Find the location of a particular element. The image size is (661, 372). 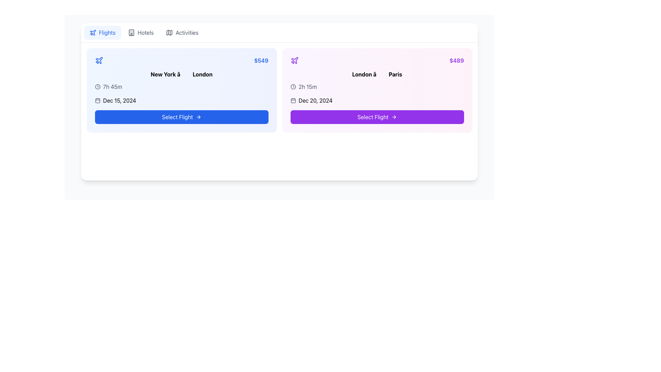

the rightward arrow icon within the 'Select Flight' button on the second card of the flight booking interface to proceed with the flight selection from London to Paris is located at coordinates (395, 116).